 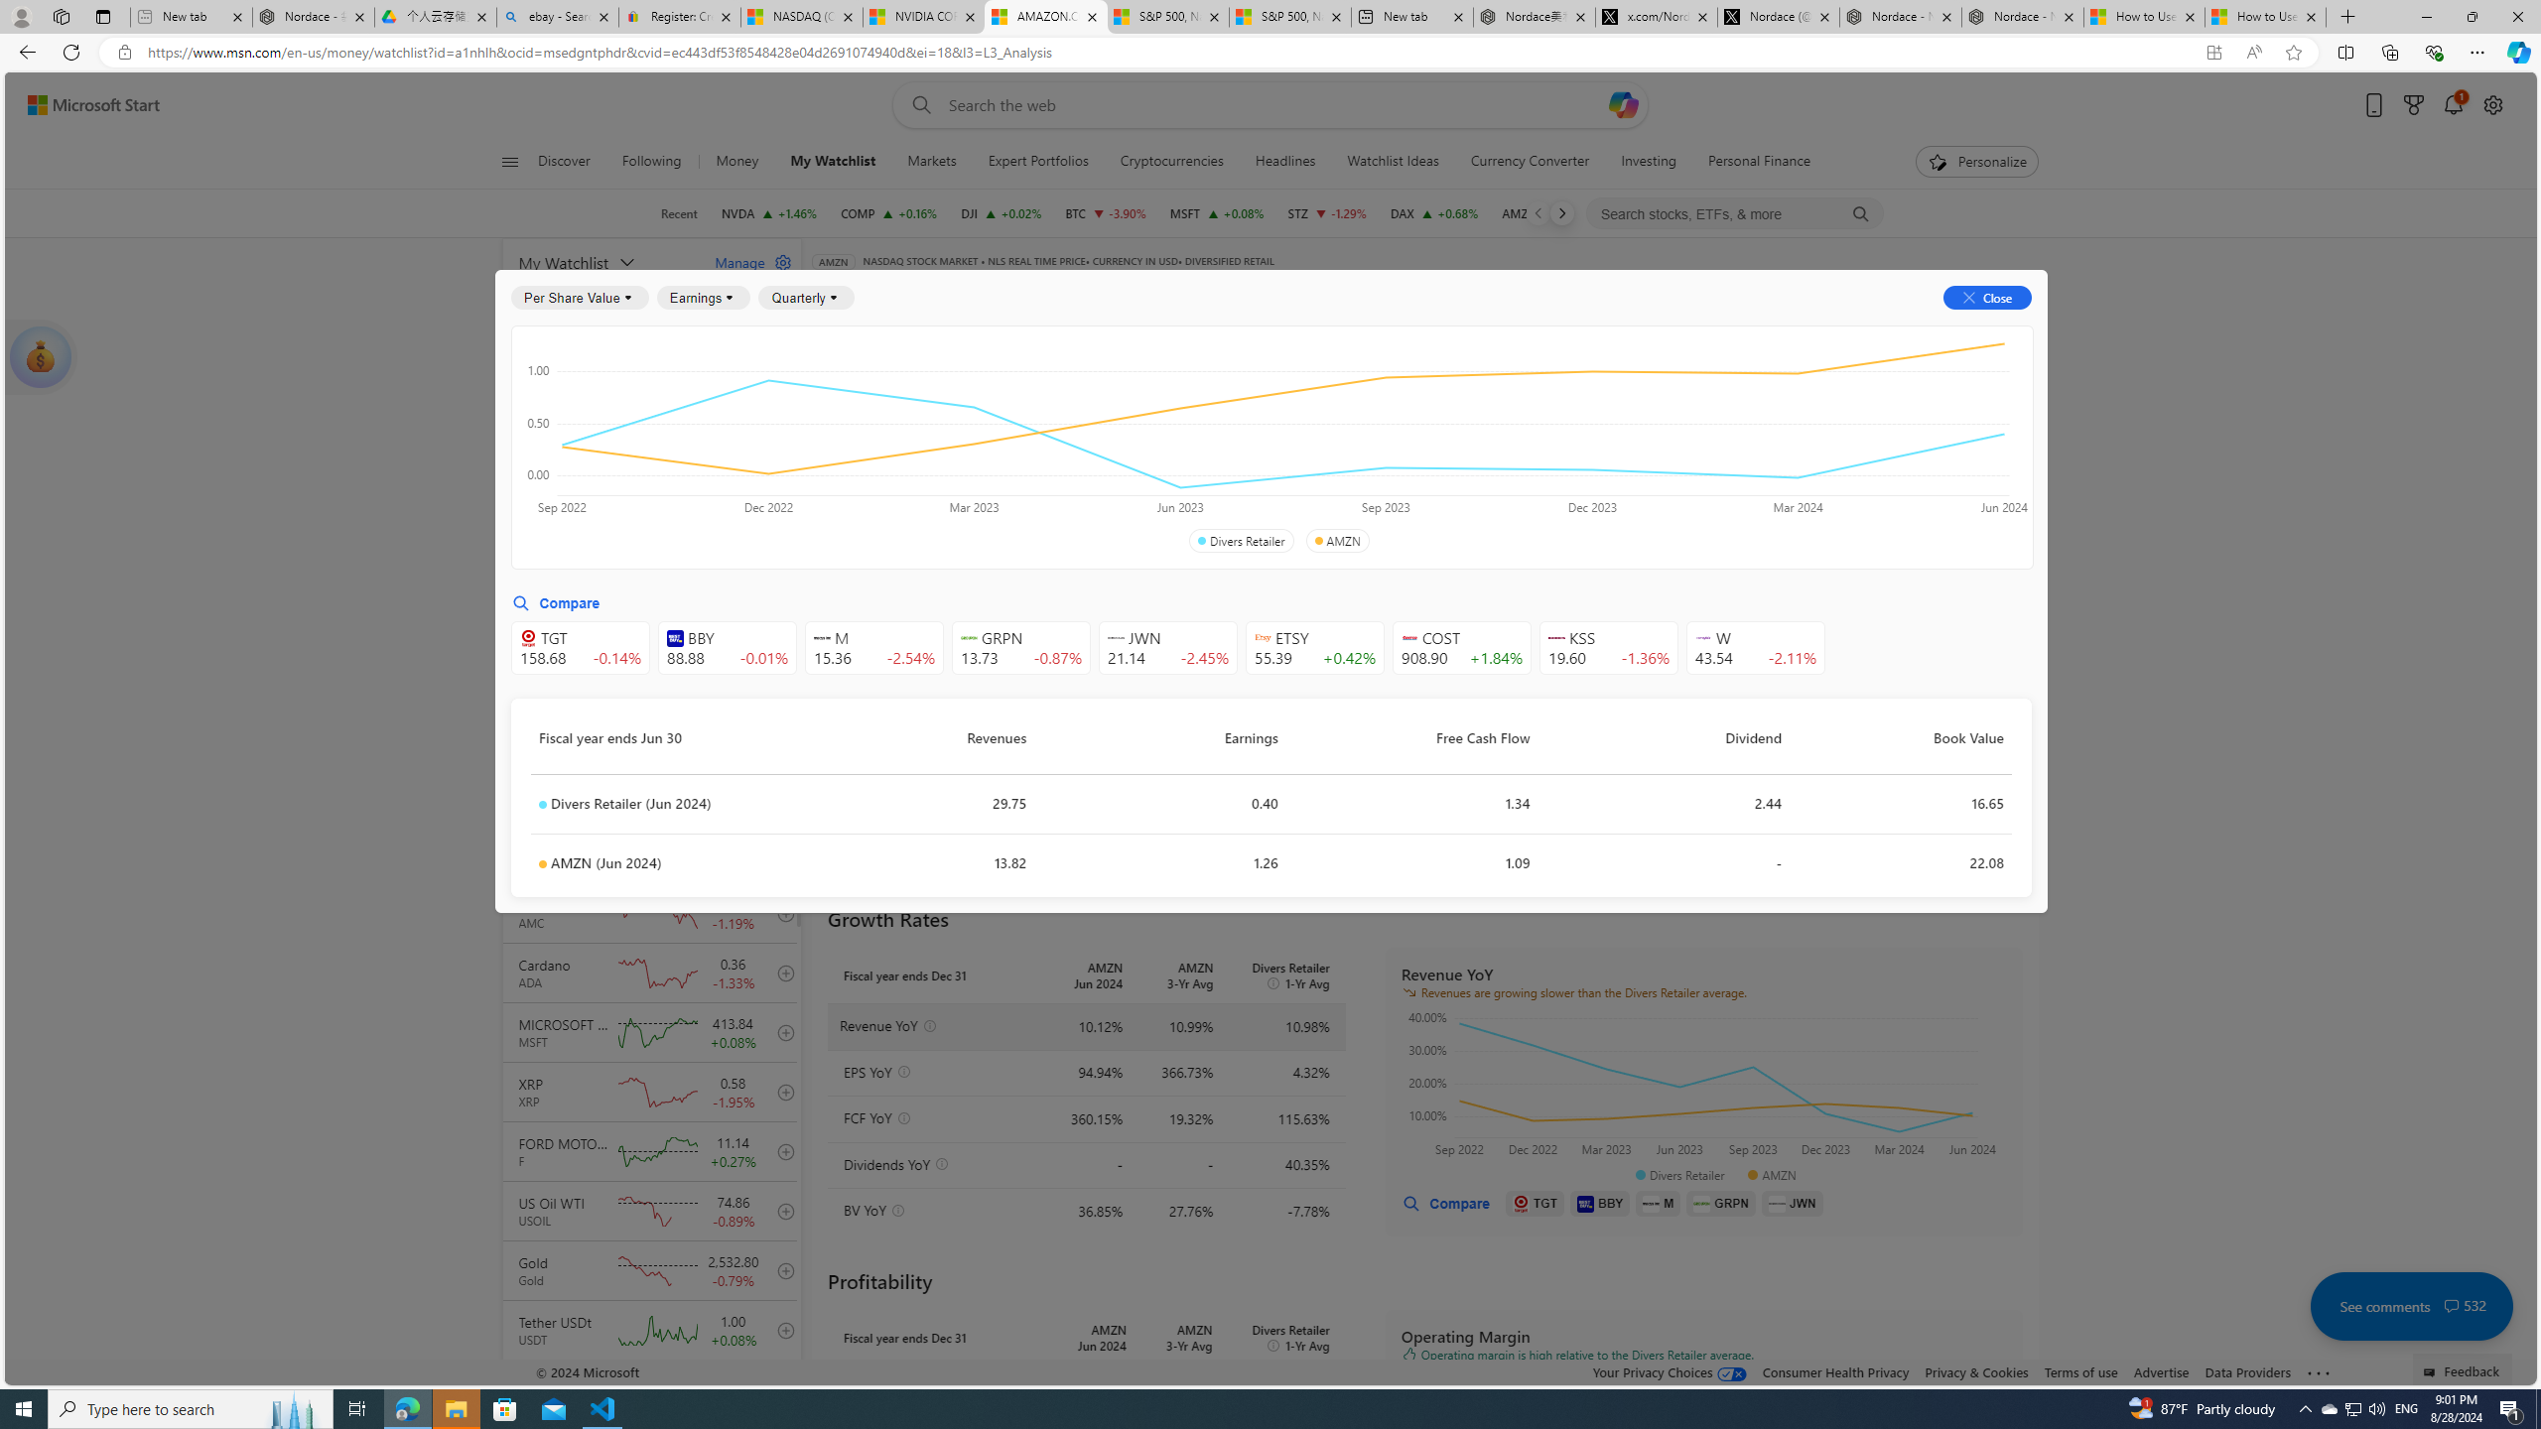 I want to click on 'Recent', so click(x=679, y=212).